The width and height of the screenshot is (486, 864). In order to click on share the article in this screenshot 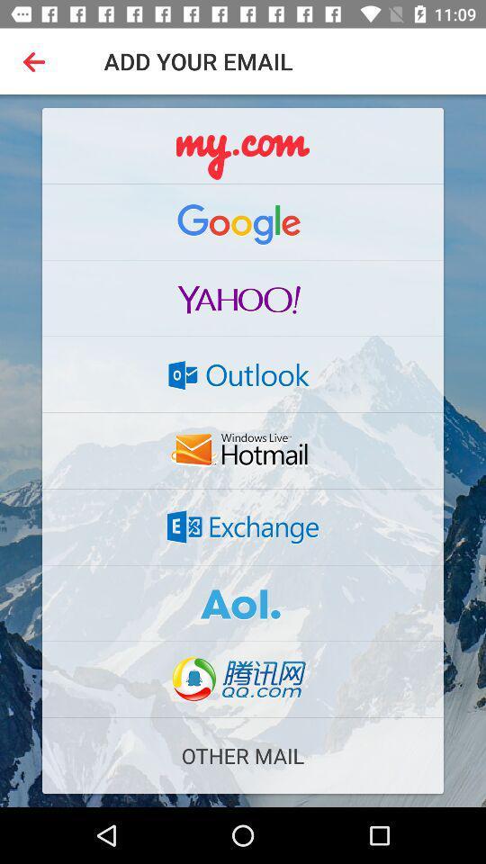, I will do `click(243, 526)`.